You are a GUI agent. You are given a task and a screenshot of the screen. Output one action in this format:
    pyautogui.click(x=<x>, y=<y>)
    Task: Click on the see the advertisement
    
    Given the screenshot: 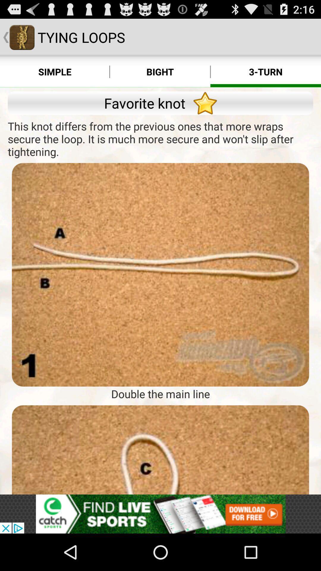 What is the action you would take?
    pyautogui.click(x=160, y=514)
    